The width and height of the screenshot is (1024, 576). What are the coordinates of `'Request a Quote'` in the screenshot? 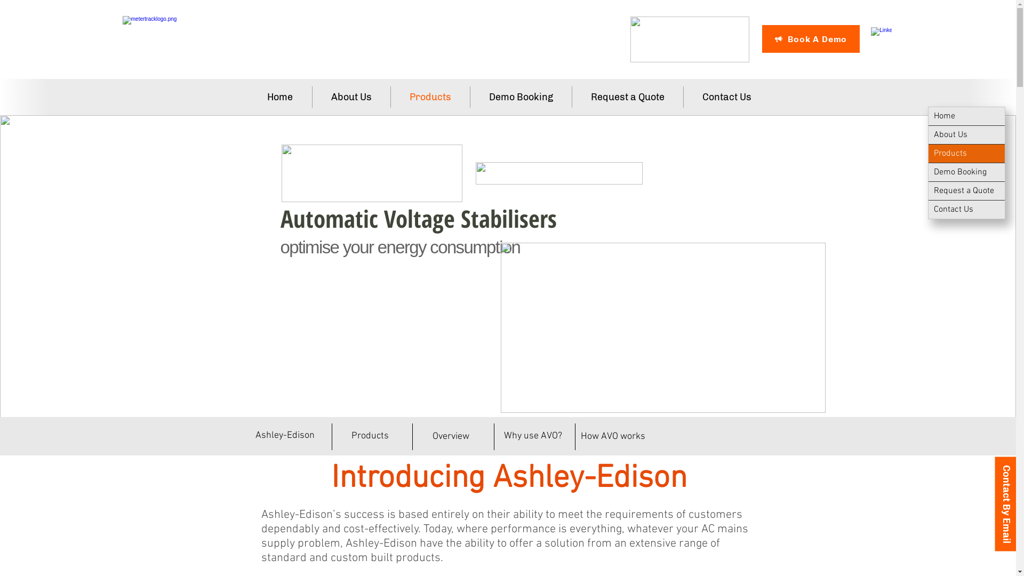 It's located at (627, 97).